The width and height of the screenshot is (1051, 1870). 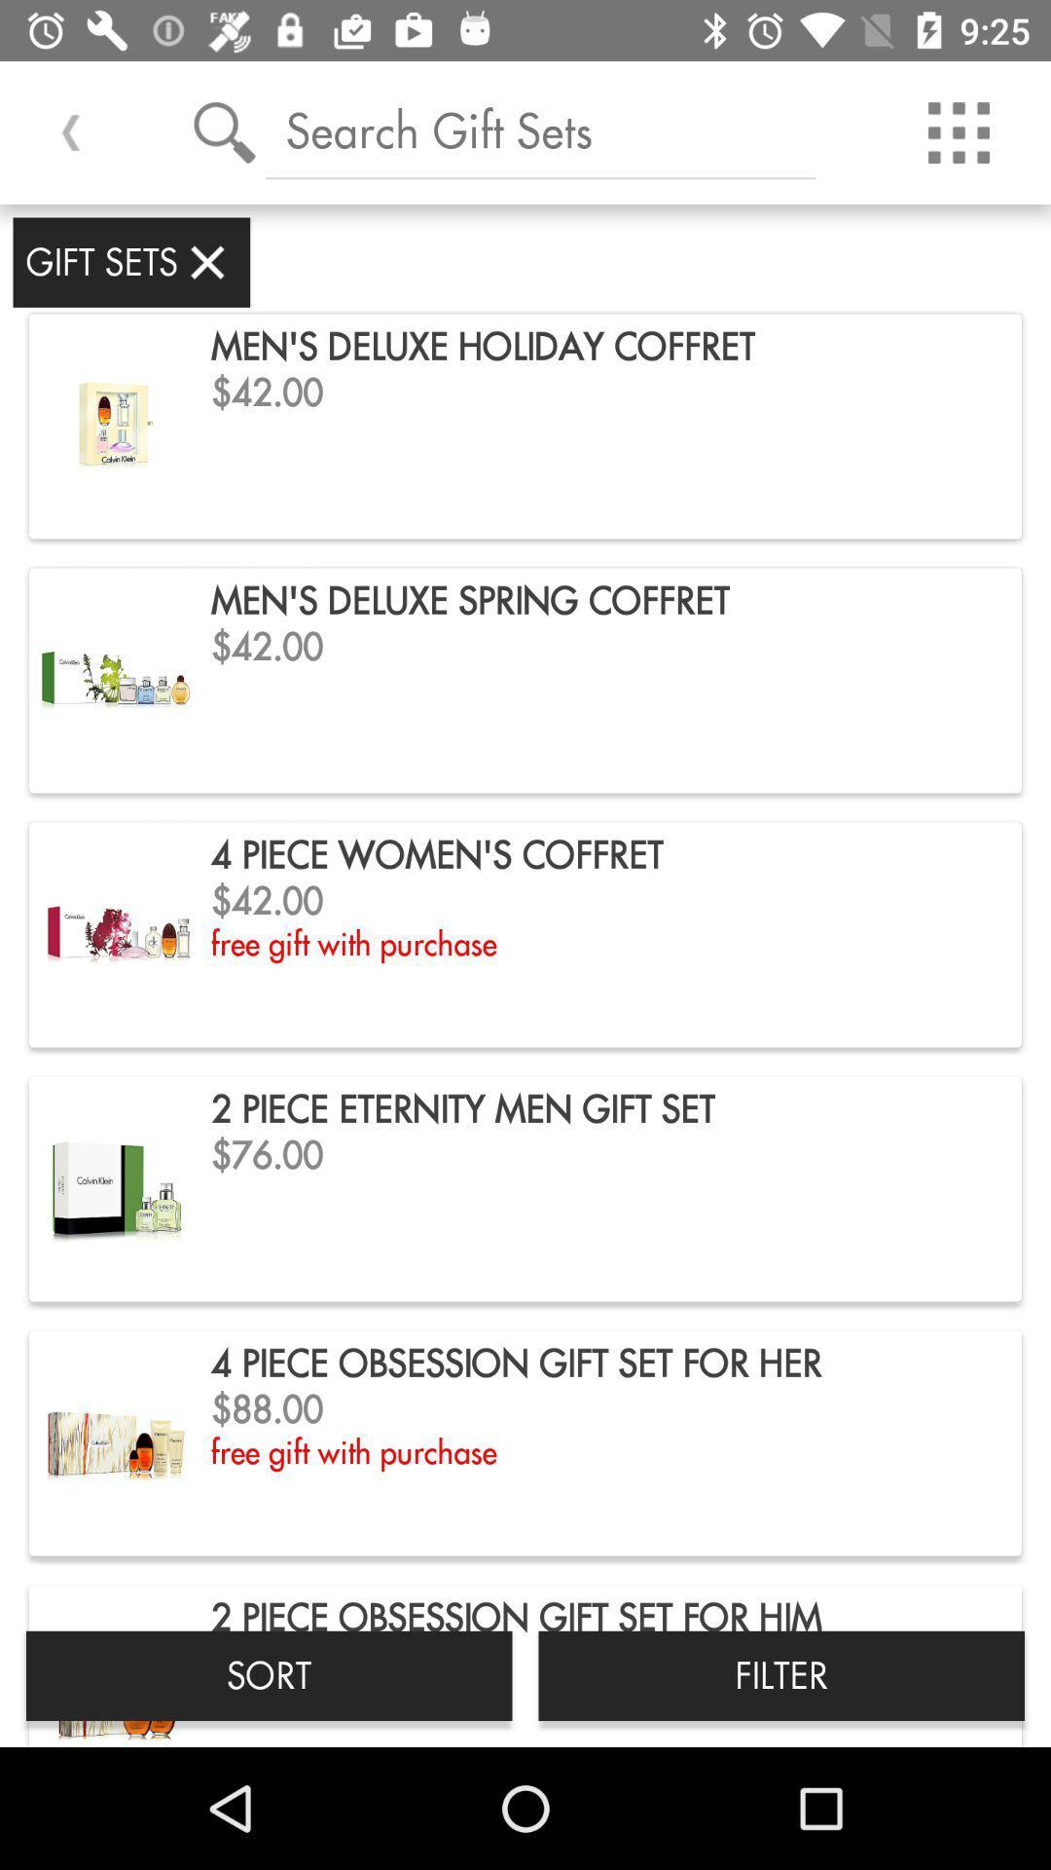 I want to click on item next to filter item, so click(x=269, y=1674).